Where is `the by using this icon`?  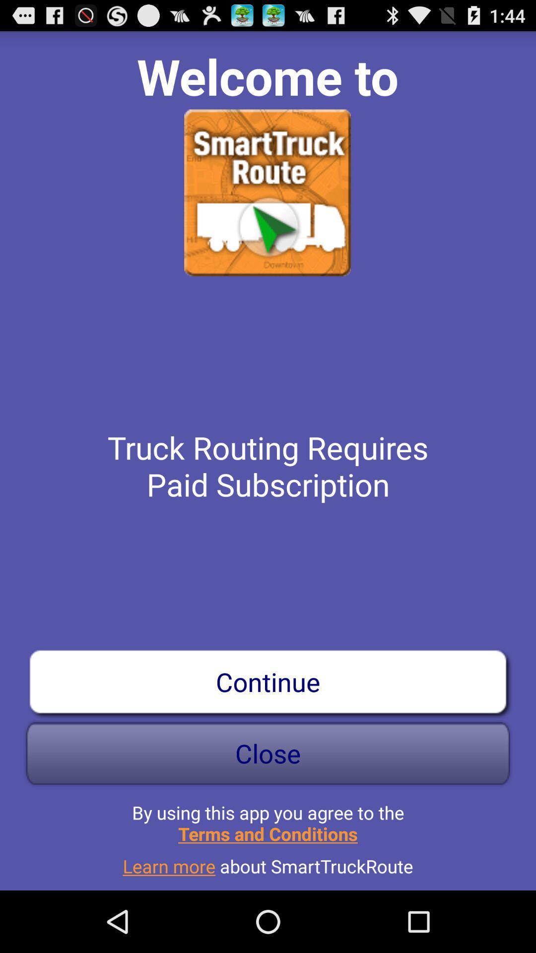
the by using this icon is located at coordinates (268, 819).